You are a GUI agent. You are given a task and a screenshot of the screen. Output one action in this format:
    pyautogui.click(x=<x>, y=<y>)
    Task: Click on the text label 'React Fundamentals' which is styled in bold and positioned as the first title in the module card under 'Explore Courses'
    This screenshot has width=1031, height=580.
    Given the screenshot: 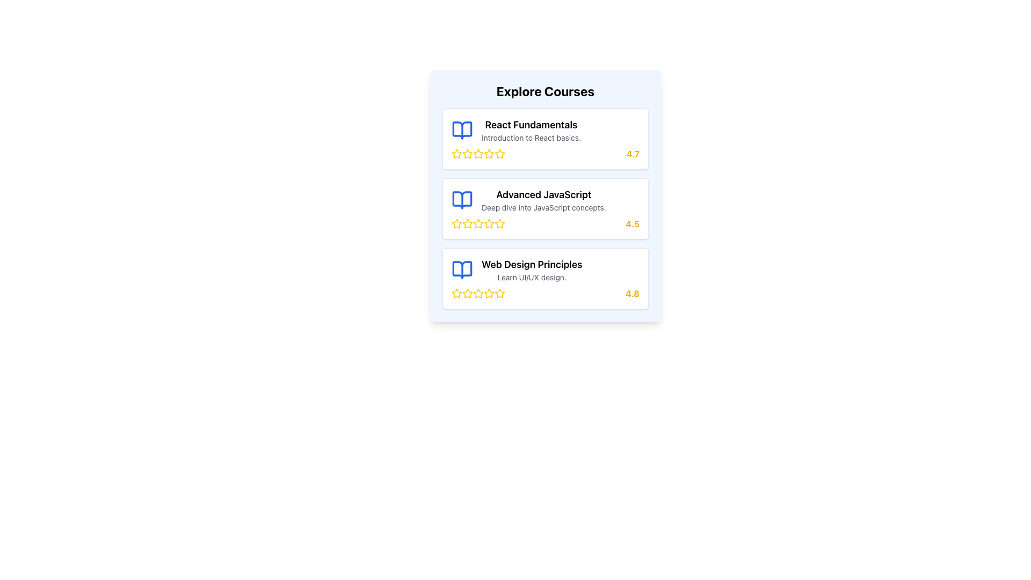 What is the action you would take?
    pyautogui.click(x=531, y=124)
    